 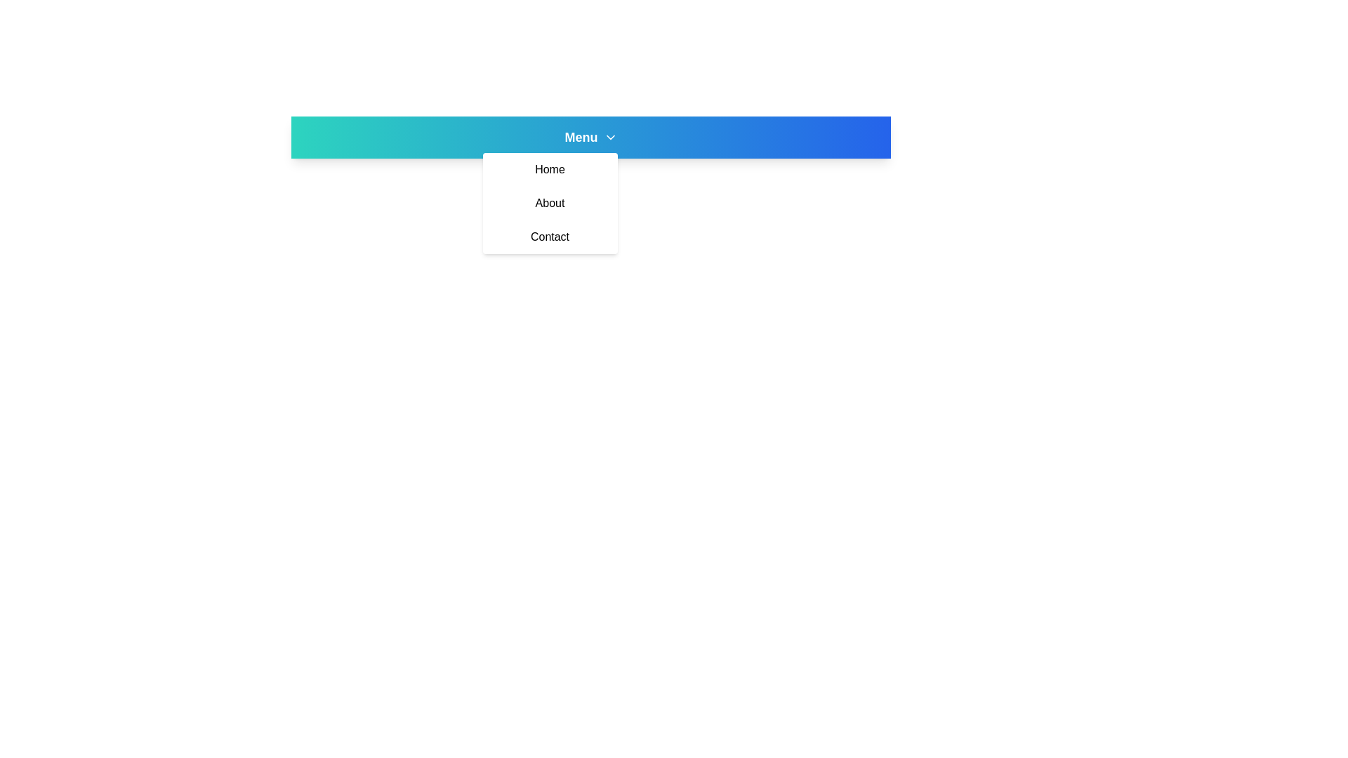 What do you see at coordinates (549, 169) in the screenshot?
I see `the menu item Home` at bounding box center [549, 169].